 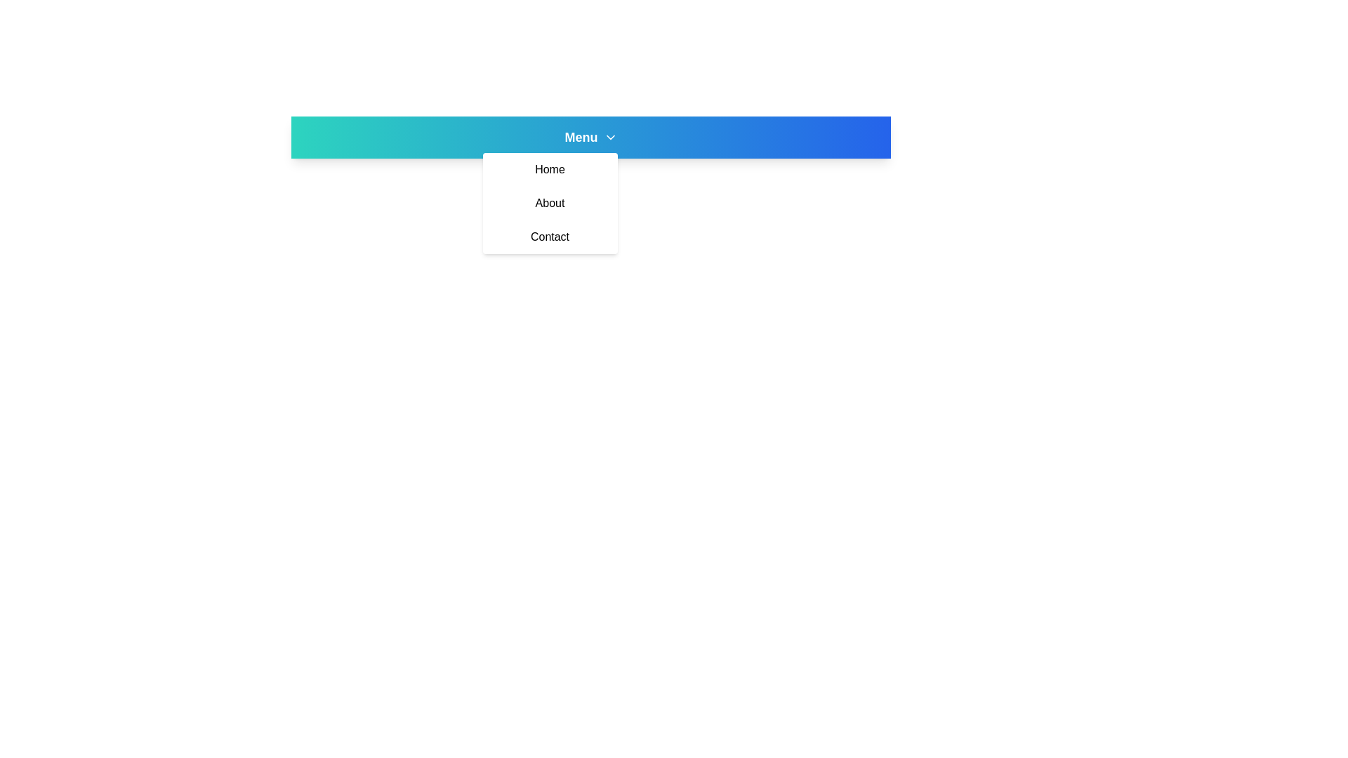 What do you see at coordinates (549, 169) in the screenshot?
I see `the menu item Home` at bounding box center [549, 169].